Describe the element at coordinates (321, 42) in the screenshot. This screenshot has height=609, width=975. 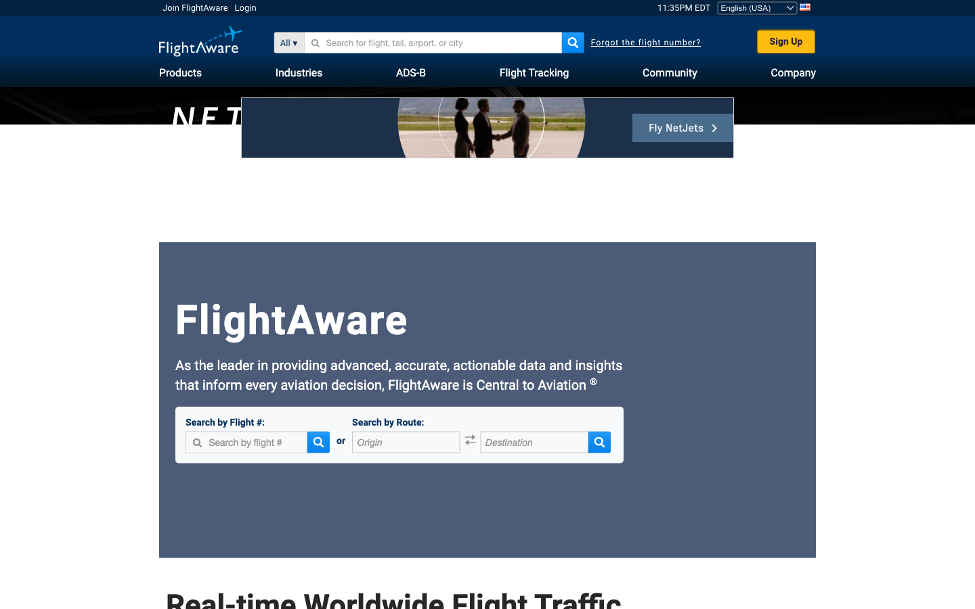
I see `Click the second suggestion in the search options` at that location.